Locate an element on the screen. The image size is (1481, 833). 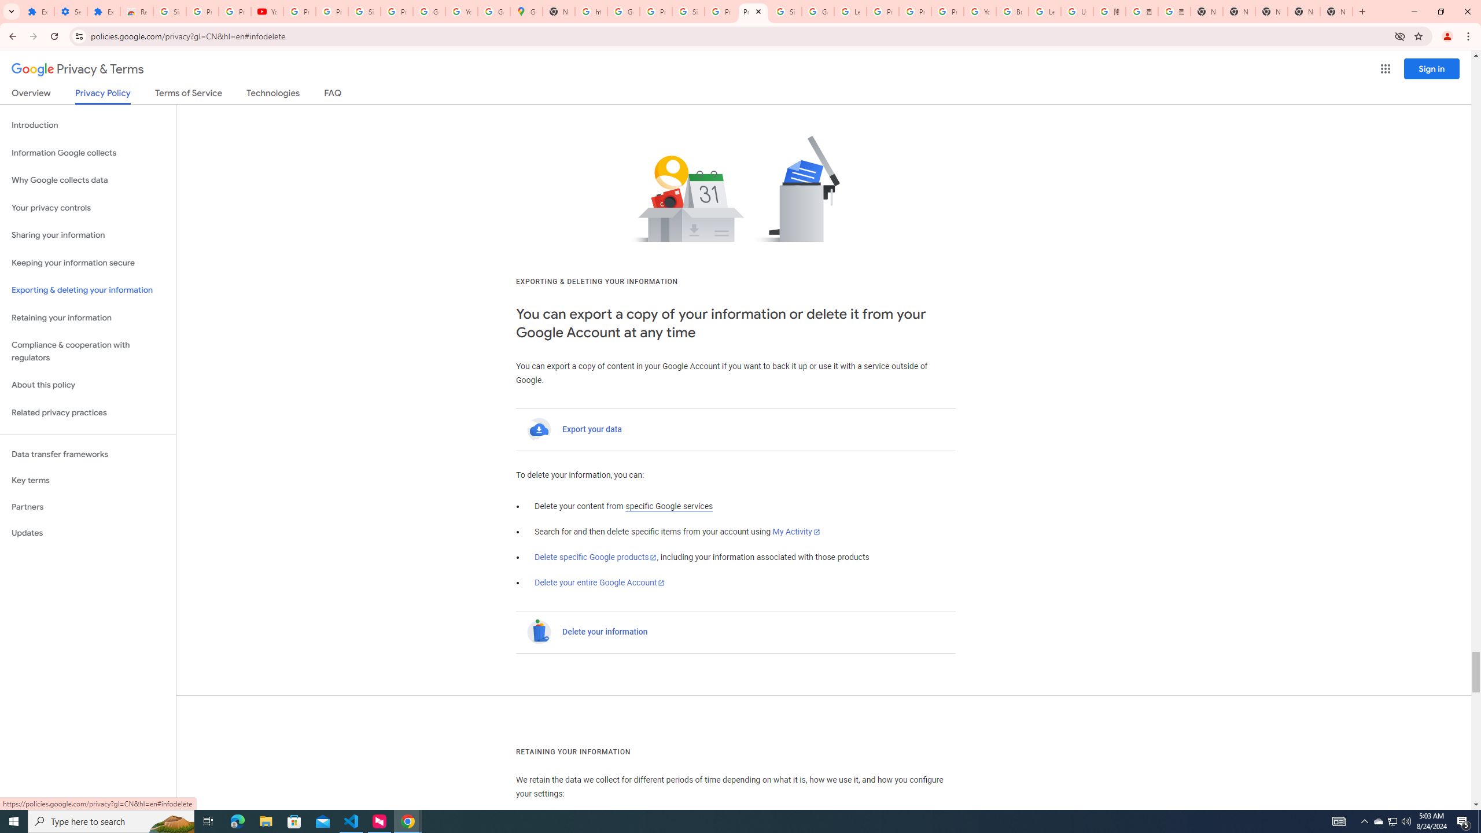
'Information Google collects' is located at coordinates (87, 153).